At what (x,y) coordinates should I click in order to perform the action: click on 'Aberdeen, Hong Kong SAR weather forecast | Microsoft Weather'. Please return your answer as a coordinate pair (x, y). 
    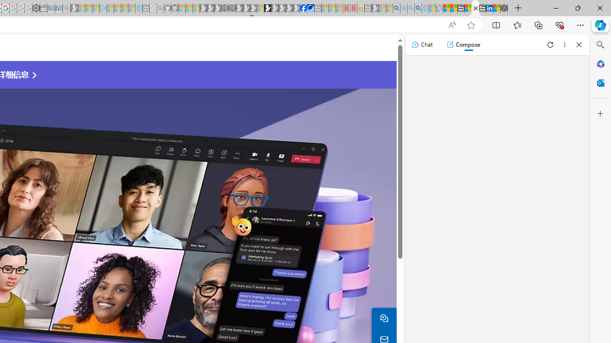
    Looking at the image, I should click on (453, 8).